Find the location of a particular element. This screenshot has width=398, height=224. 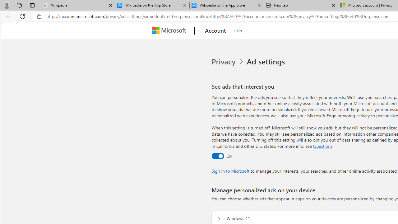

'Account' is located at coordinates (215, 31).